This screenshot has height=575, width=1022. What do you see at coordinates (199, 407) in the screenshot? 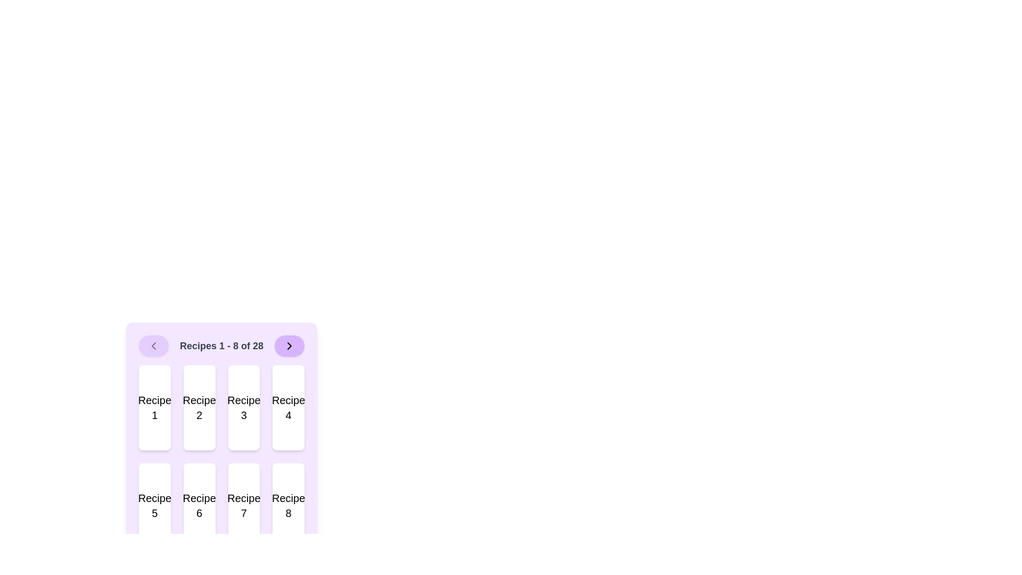
I see `text 'Recipe 2' from the centered text label within the second card of the grid layout` at bounding box center [199, 407].